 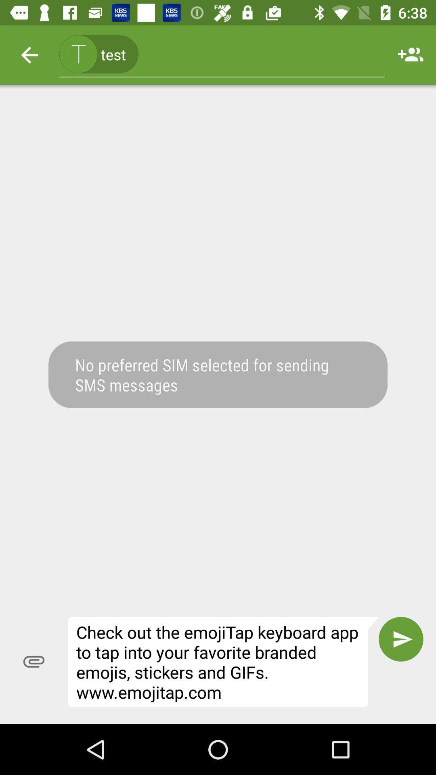 What do you see at coordinates (34, 662) in the screenshot?
I see `the icon to the left of the check out the` at bounding box center [34, 662].